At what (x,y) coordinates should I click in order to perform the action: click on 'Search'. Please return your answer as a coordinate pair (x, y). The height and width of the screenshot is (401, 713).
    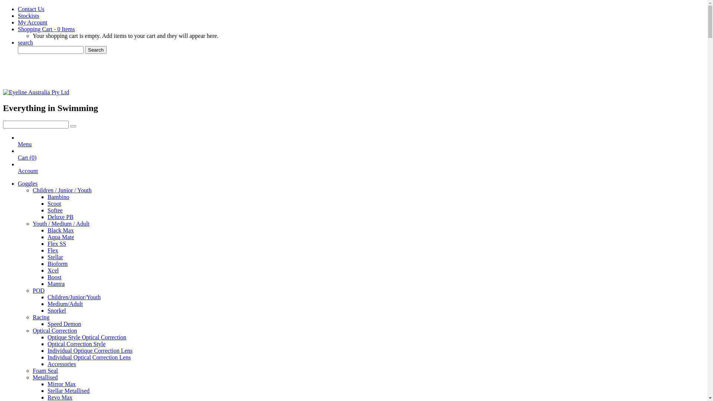
    Looking at the image, I should click on (85, 50).